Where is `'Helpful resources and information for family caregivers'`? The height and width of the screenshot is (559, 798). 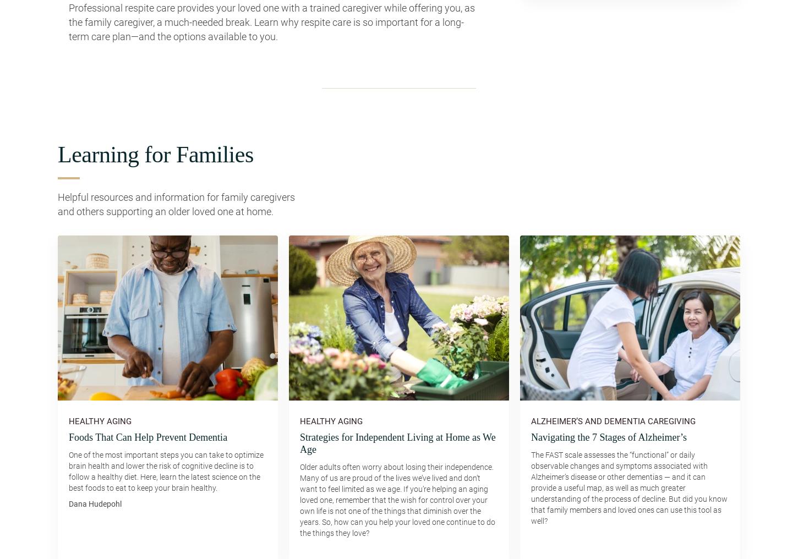
'Helpful resources and information for family caregivers' is located at coordinates (176, 197).